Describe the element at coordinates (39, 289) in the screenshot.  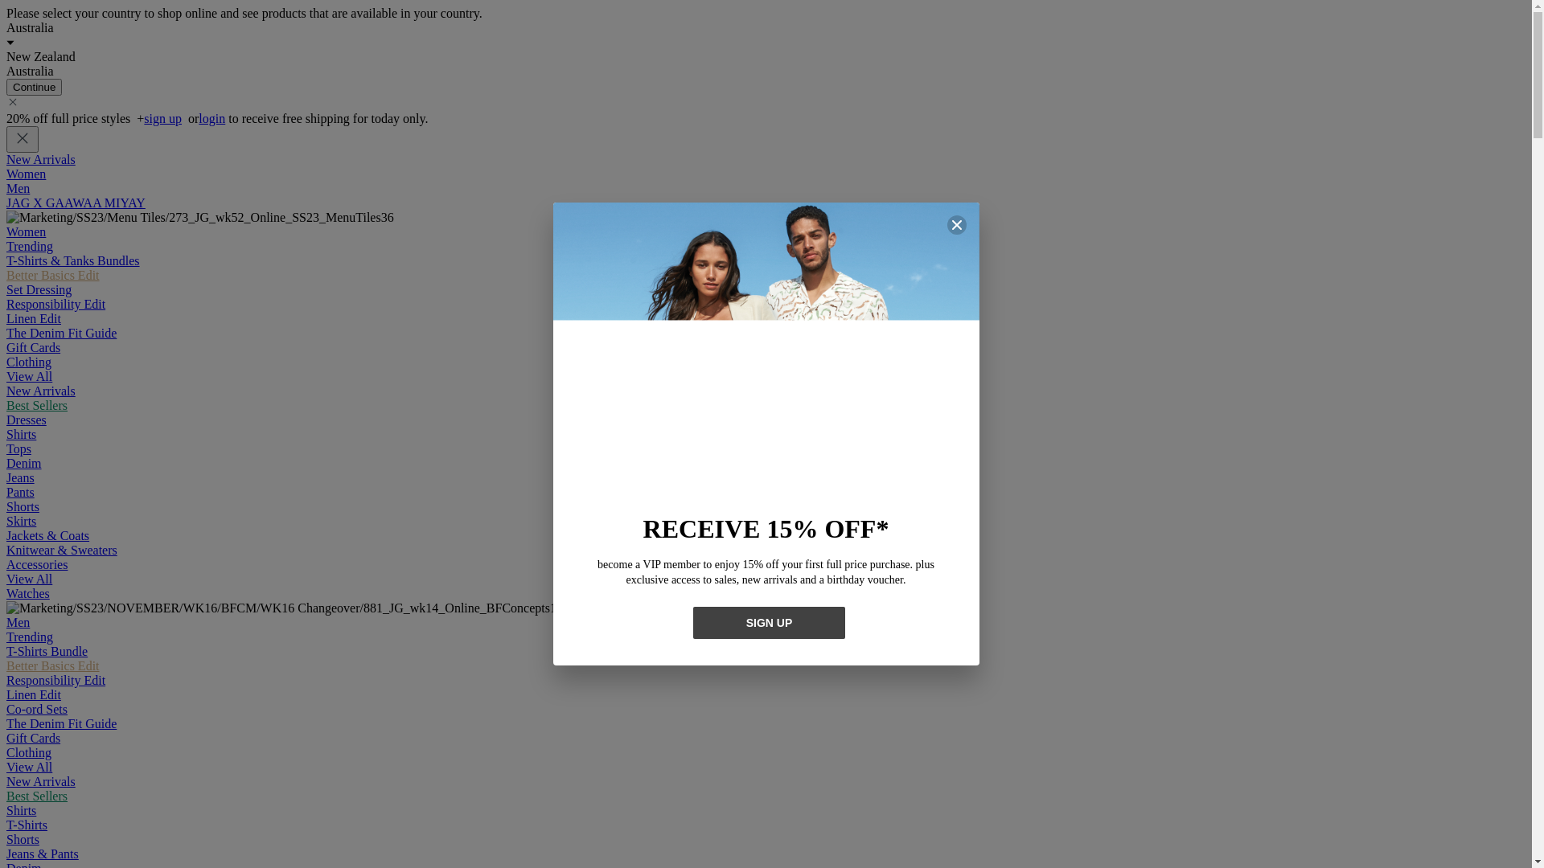
I see `'Set Dressing'` at that location.